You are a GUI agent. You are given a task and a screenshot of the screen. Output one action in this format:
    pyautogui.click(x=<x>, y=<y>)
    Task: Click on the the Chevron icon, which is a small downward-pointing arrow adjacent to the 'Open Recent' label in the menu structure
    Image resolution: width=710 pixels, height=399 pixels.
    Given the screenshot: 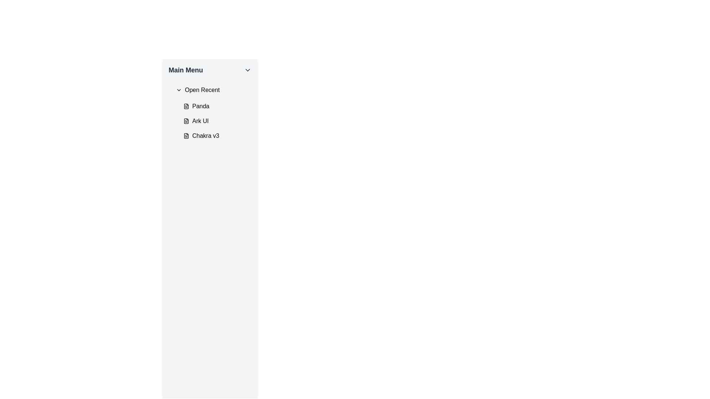 What is the action you would take?
    pyautogui.click(x=179, y=89)
    